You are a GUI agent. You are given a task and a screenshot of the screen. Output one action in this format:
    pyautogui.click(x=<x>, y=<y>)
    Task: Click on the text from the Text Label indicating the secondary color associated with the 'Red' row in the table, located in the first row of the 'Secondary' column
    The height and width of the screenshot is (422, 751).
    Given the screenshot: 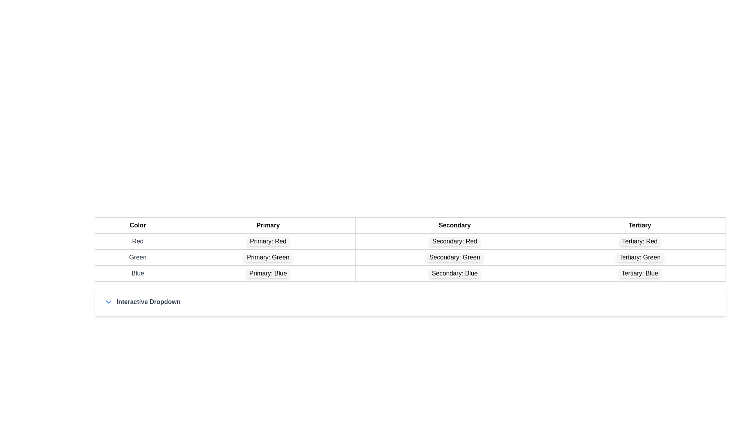 What is the action you would take?
    pyautogui.click(x=455, y=241)
    